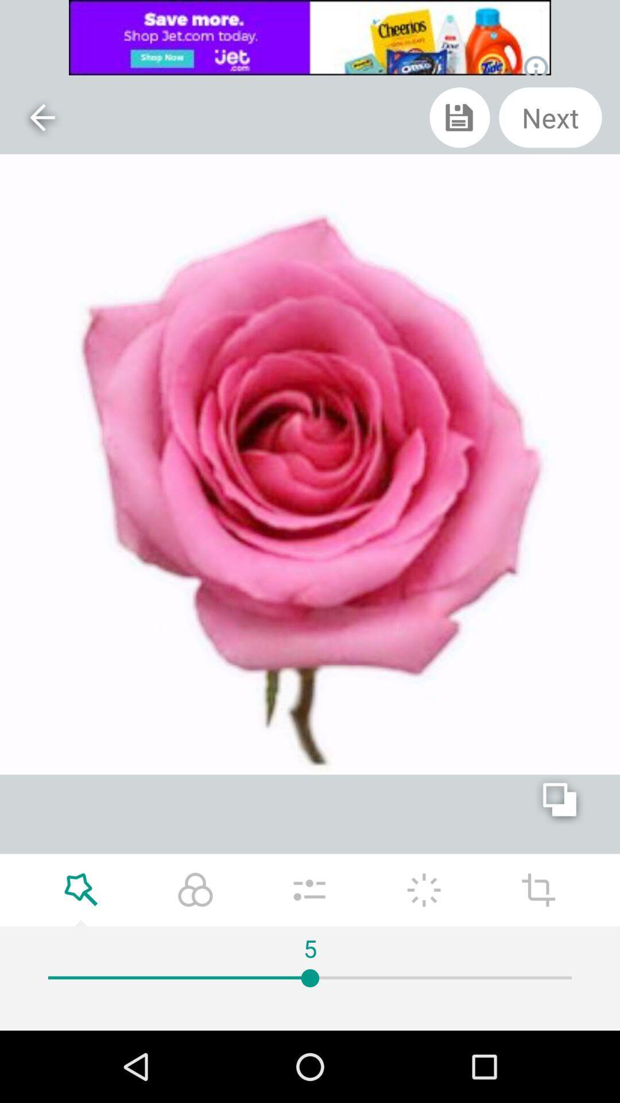 The image size is (620, 1103). I want to click on edit image, so click(424, 889).